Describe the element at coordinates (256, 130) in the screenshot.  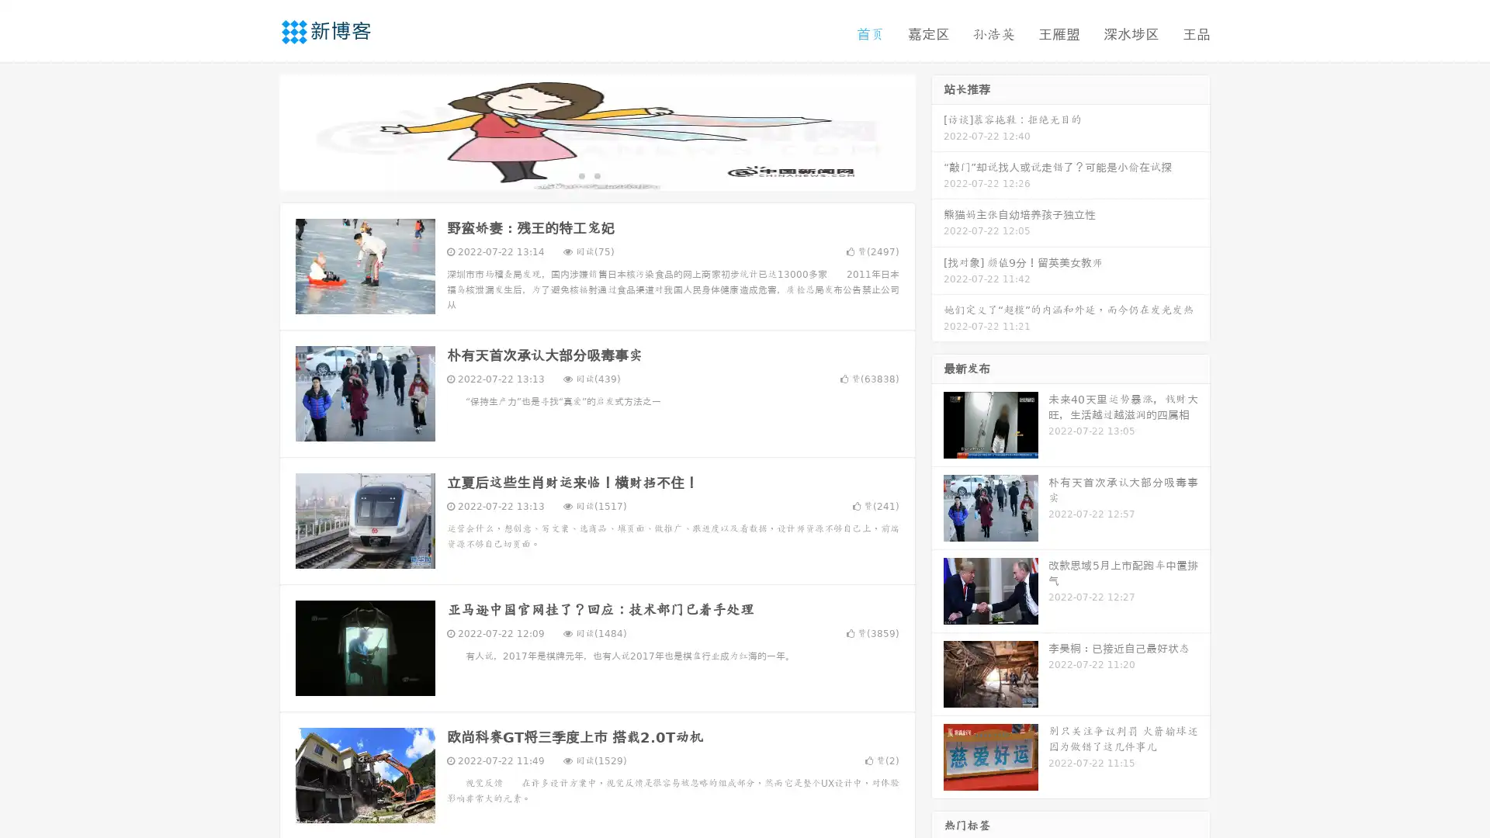
I see `Previous slide` at that location.